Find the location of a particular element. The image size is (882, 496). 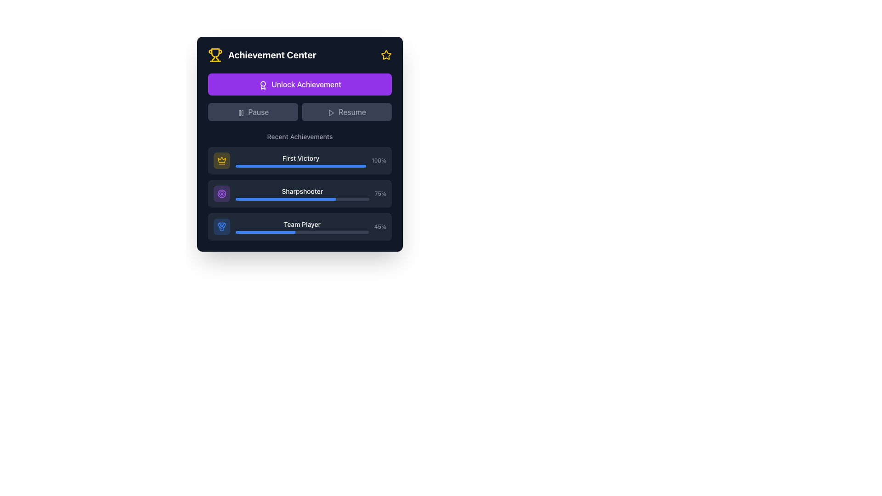

the second achievement display row in the 'Recent Achievements' section is located at coordinates (300, 193).